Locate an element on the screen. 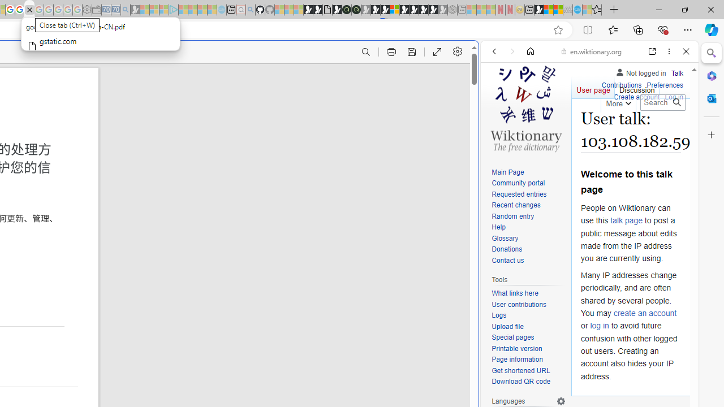  'Logs' is located at coordinates (528, 315).